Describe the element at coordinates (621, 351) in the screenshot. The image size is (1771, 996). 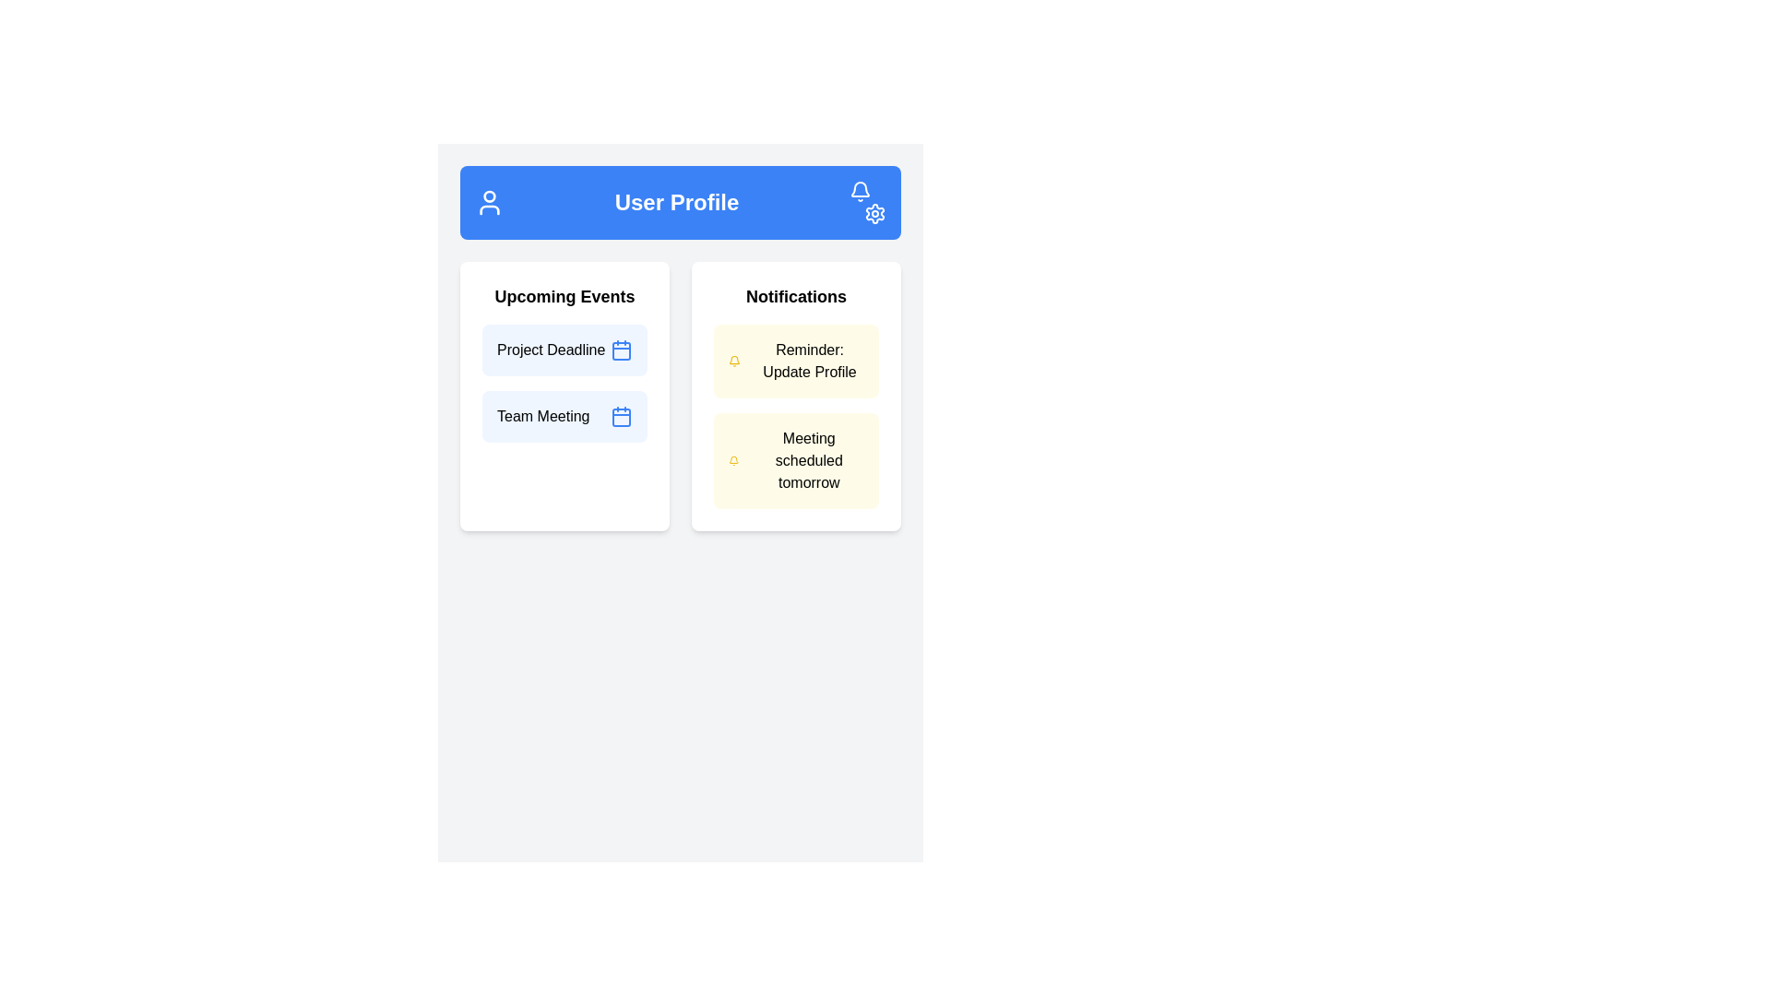
I see `the light blue rectangular calendar date cell located near the bottom-right corner inside the calendar icon, adjacent to the 'Project Deadline' text in the 'Upcoming Events' section` at that location.